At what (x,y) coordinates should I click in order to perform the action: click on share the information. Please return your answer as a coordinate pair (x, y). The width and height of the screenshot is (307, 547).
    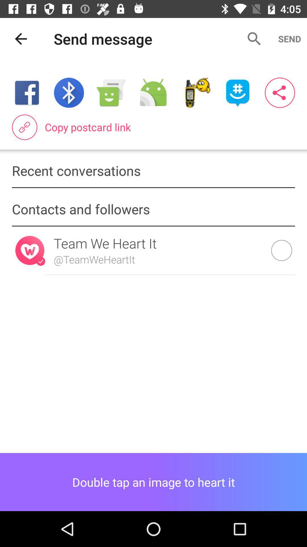
    Looking at the image, I should click on (279, 93).